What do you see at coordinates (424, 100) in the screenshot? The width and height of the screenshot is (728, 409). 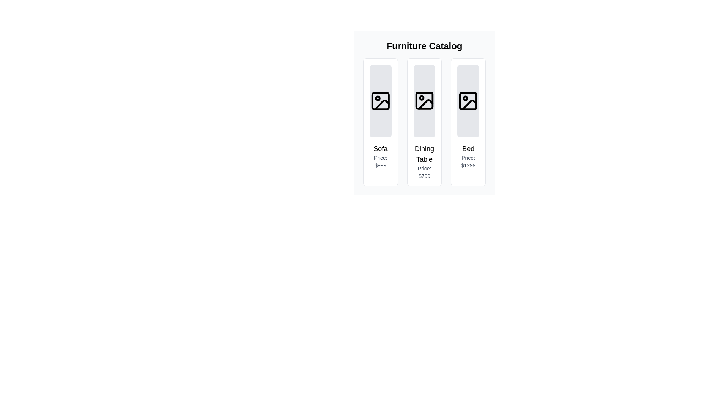 I see `the decorative background of the icon, which is a square with rounded corners and a defined border, located within the image placeholder for 'Dining Table'` at bounding box center [424, 100].